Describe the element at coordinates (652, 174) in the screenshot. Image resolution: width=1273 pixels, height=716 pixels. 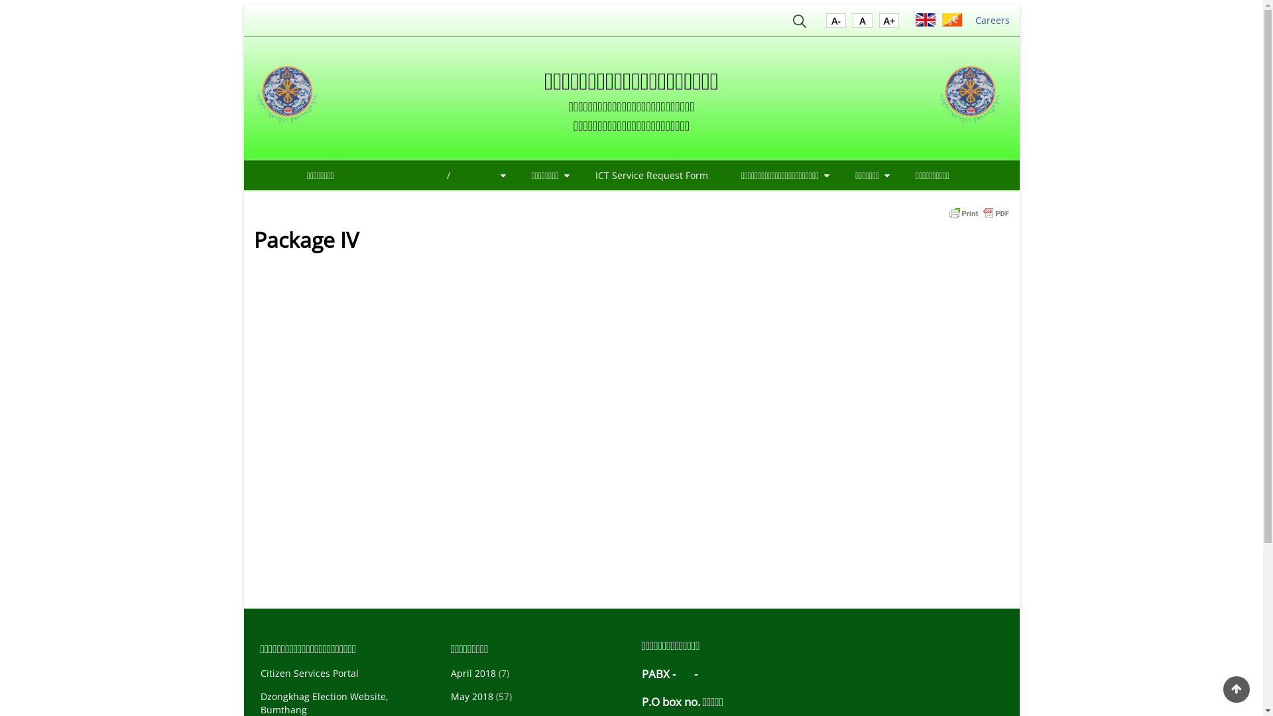
I see `'ICT Service Request Form'` at that location.